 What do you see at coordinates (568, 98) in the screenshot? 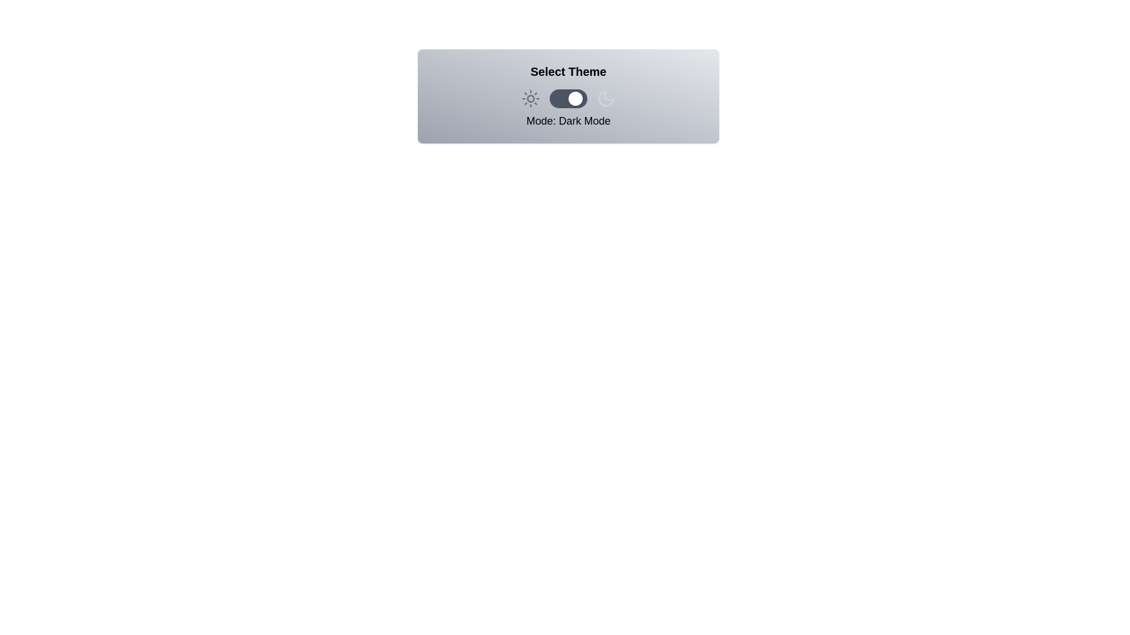
I see `the toggle switch to change the theme` at bounding box center [568, 98].